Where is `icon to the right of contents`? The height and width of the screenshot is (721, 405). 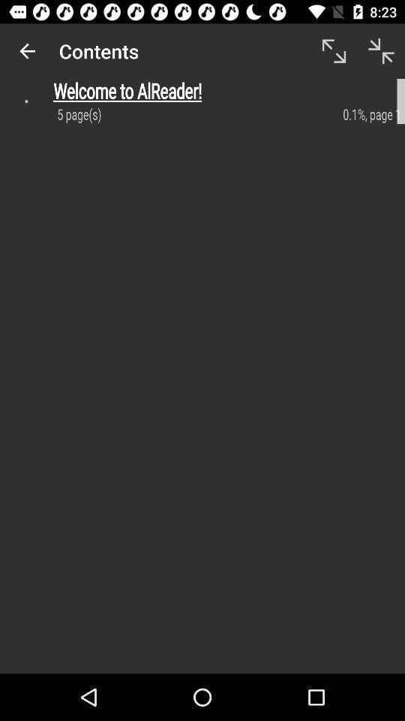
icon to the right of contents is located at coordinates (334, 51).